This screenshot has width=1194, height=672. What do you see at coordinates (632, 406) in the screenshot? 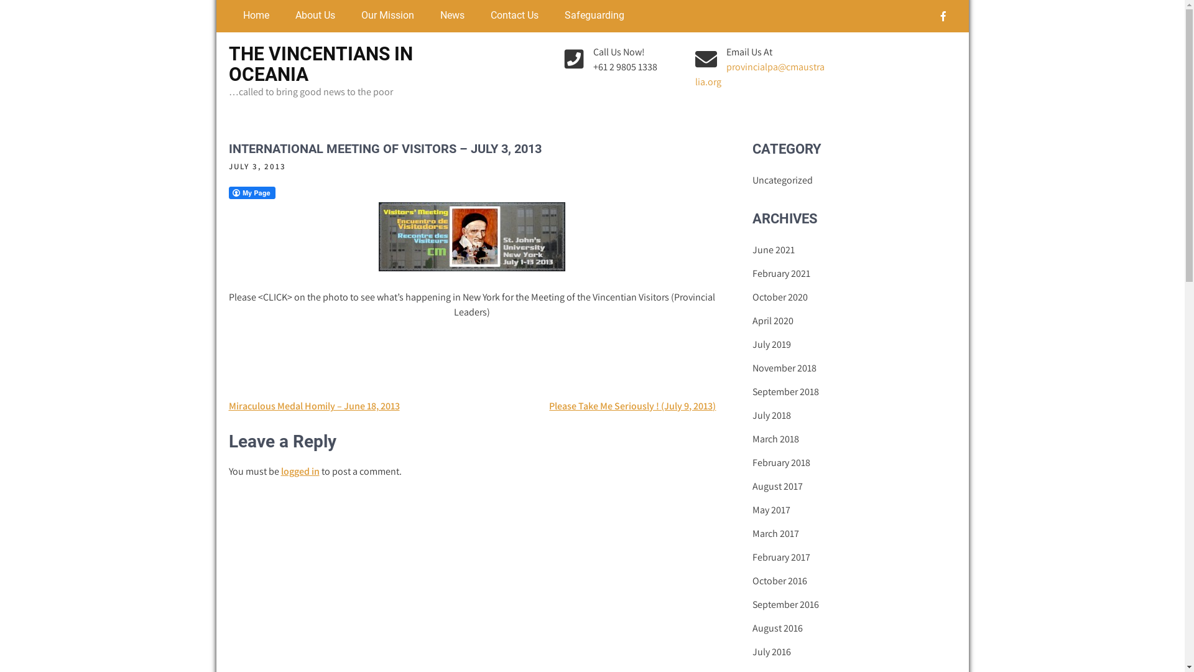
I see `'Please Take Me Seriously ! (July 9, 2013)'` at bounding box center [632, 406].